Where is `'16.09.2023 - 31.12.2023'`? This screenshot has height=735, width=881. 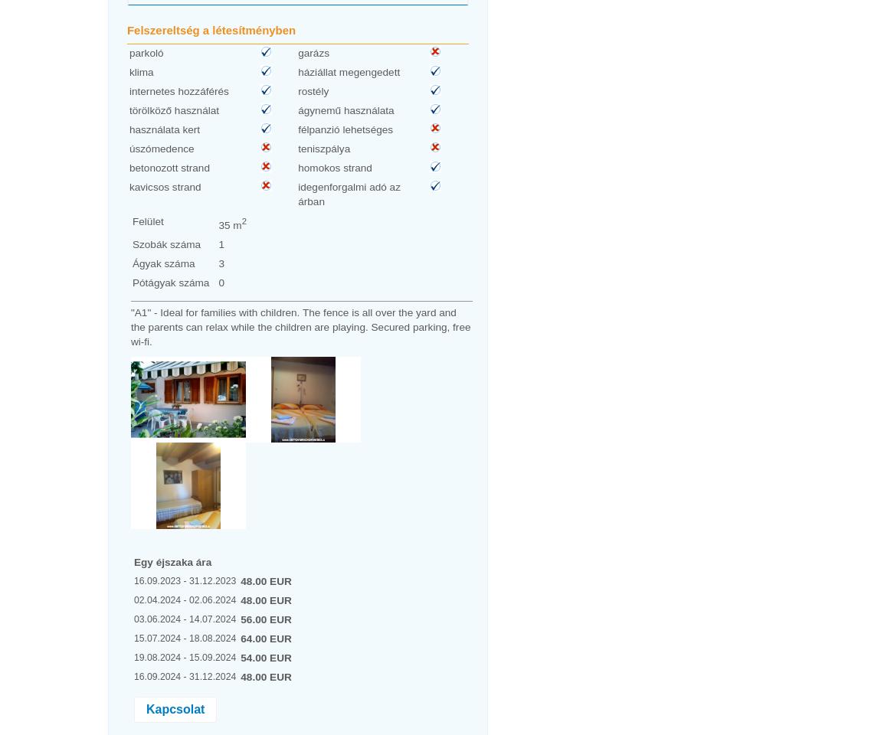
'16.09.2023 - 31.12.2023' is located at coordinates (184, 580).